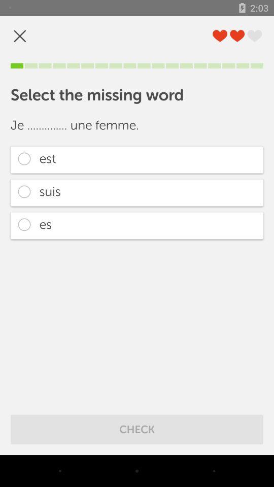 Image resolution: width=274 pixels, height=487 pixels. I want to click on the close icon, so click(20, 36).